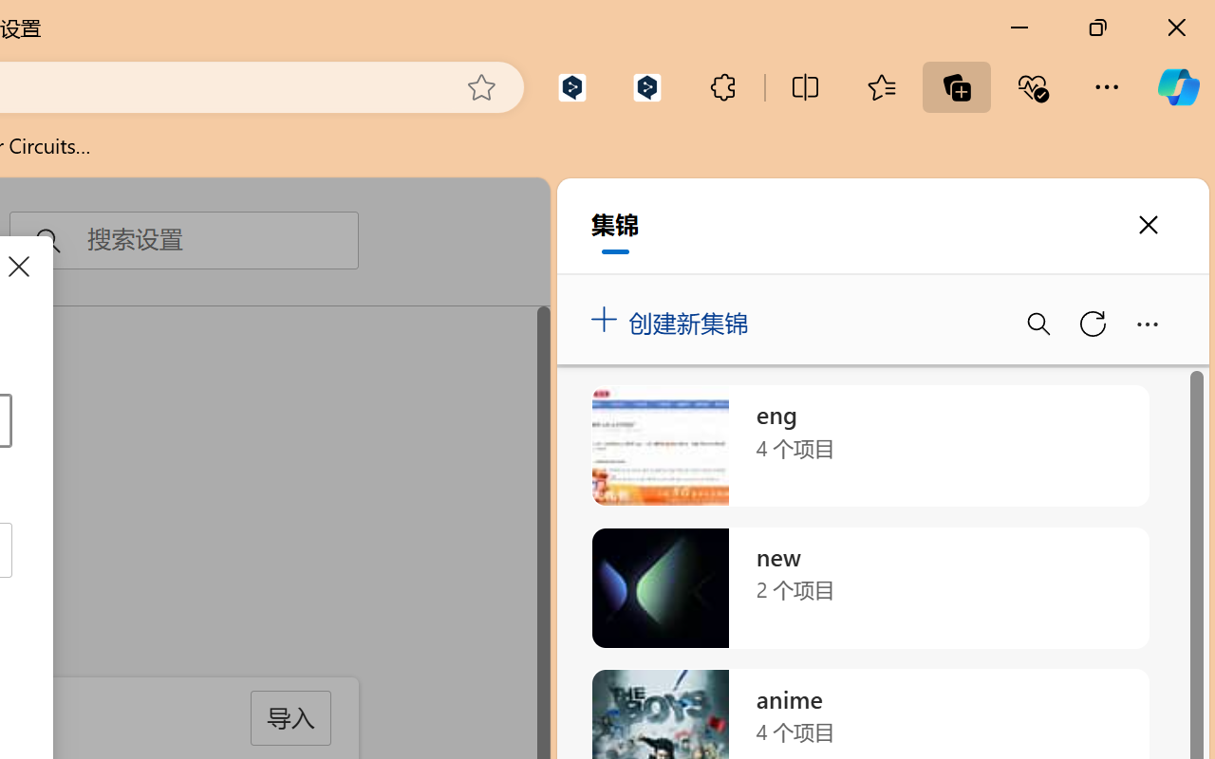 The image size is (1215, 759). Describe the element at coordinates (1177, 86) in the screenshot. I see `'Copilot (Ctrl+Shift+.)'` at that location.